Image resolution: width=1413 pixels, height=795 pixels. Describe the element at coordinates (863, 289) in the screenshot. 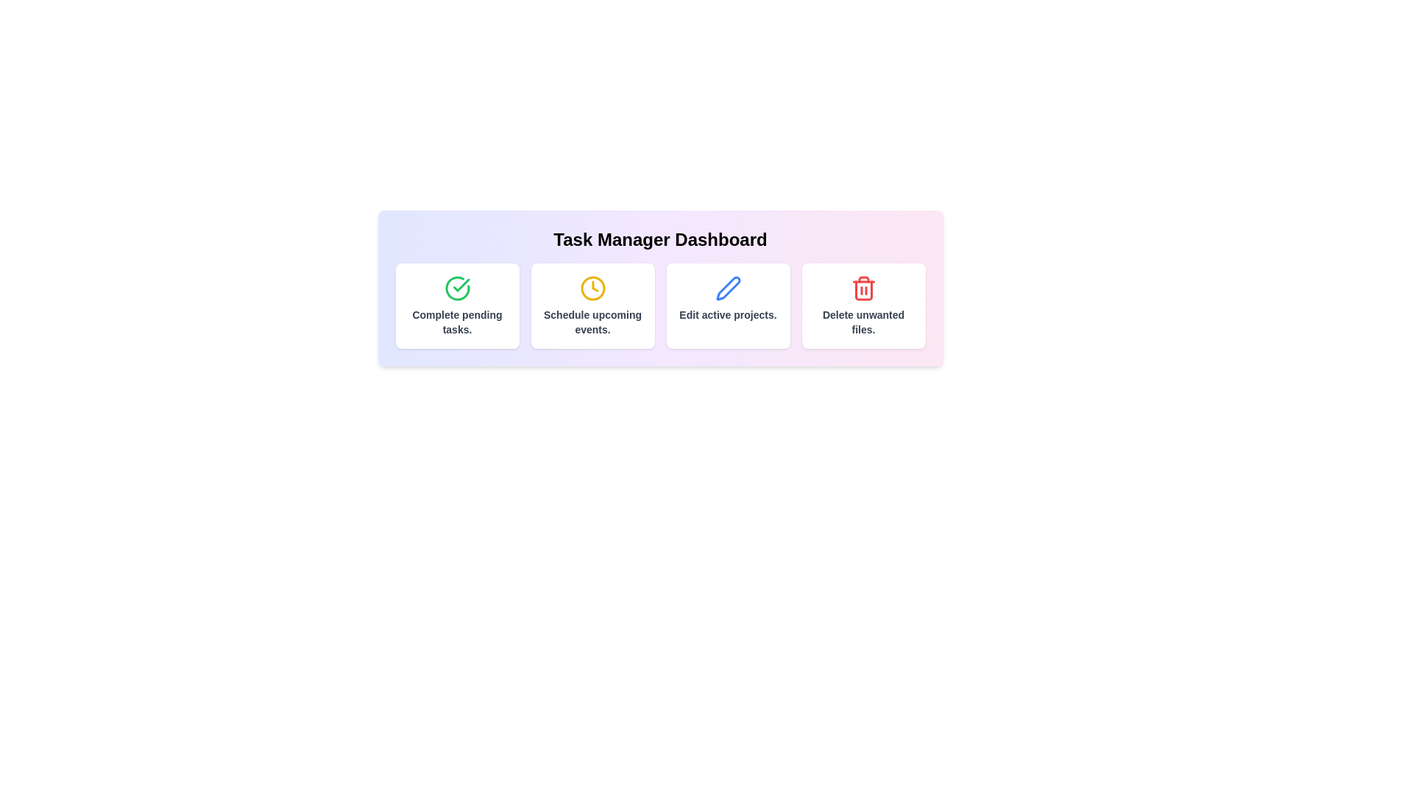

I see `the red trash bin icon located in the bottom-right corner of the 'Delete unwanted files' card within the Task Manager Dashboard` at that location.